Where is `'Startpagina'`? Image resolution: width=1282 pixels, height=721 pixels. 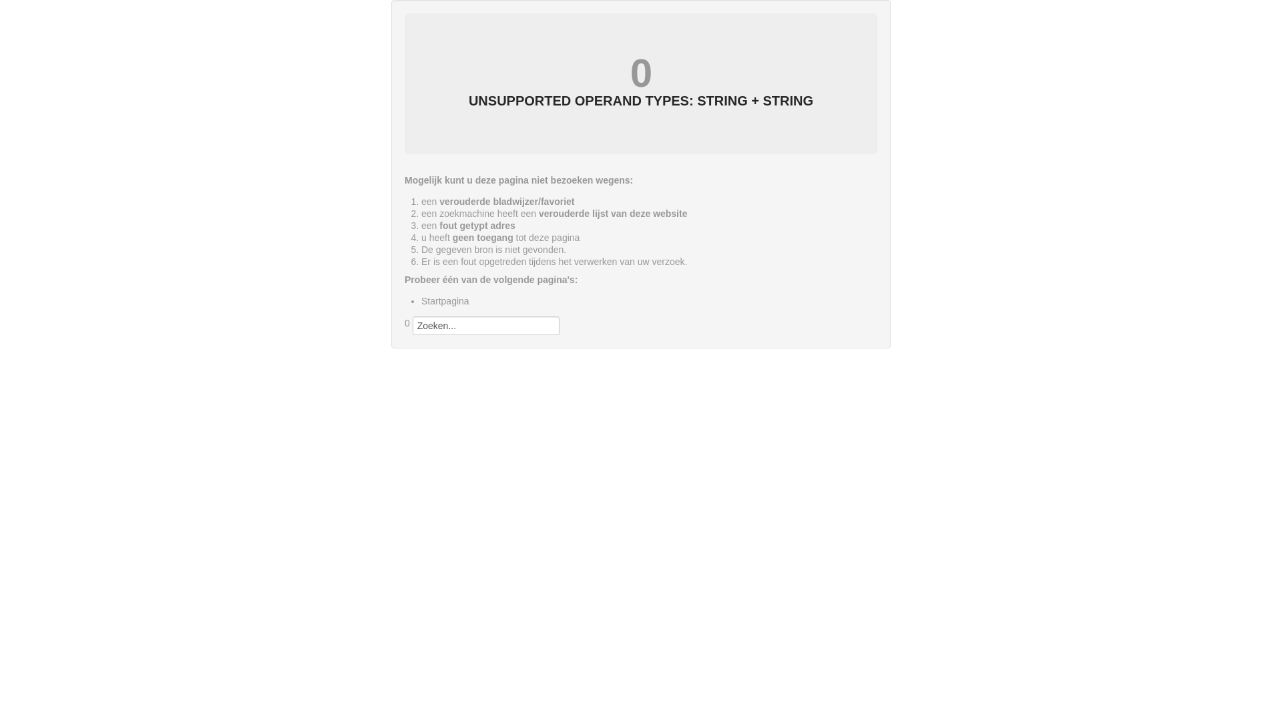
'Startpagina' is located at coordinates (445, 301).